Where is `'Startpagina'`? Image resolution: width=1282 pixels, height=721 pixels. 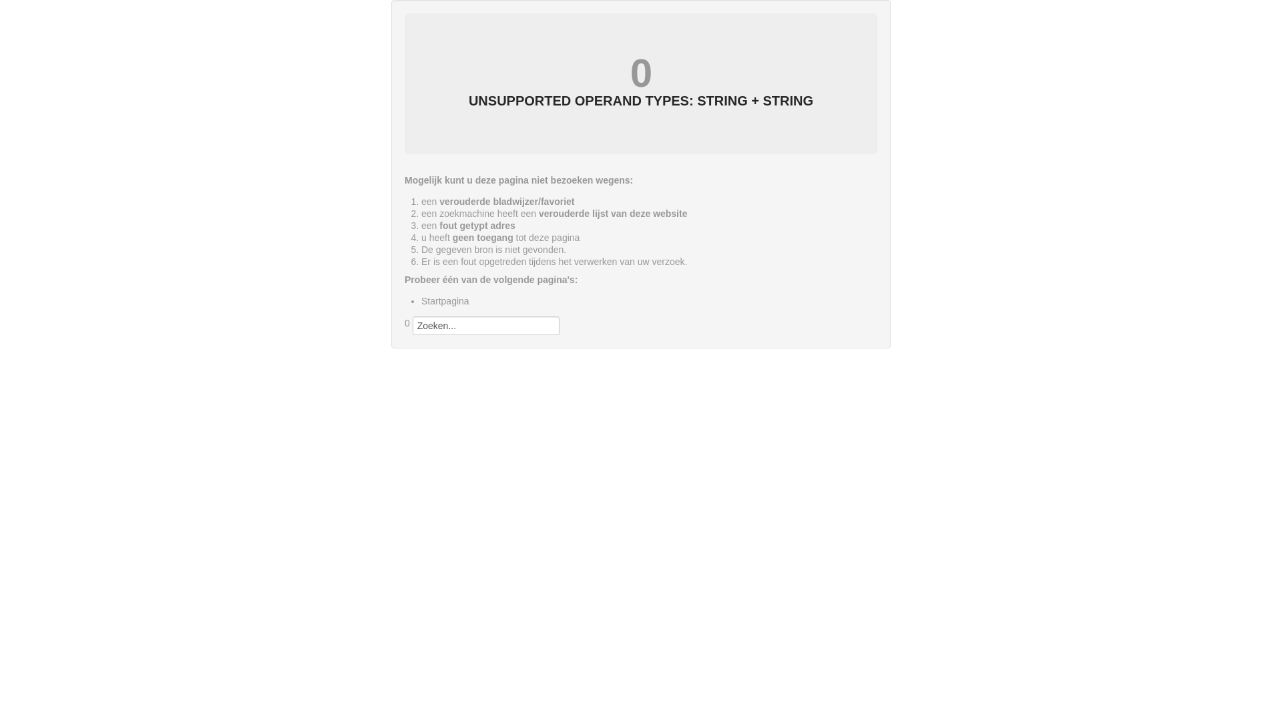
'Startpagina' is located at coordinates (445, 301).